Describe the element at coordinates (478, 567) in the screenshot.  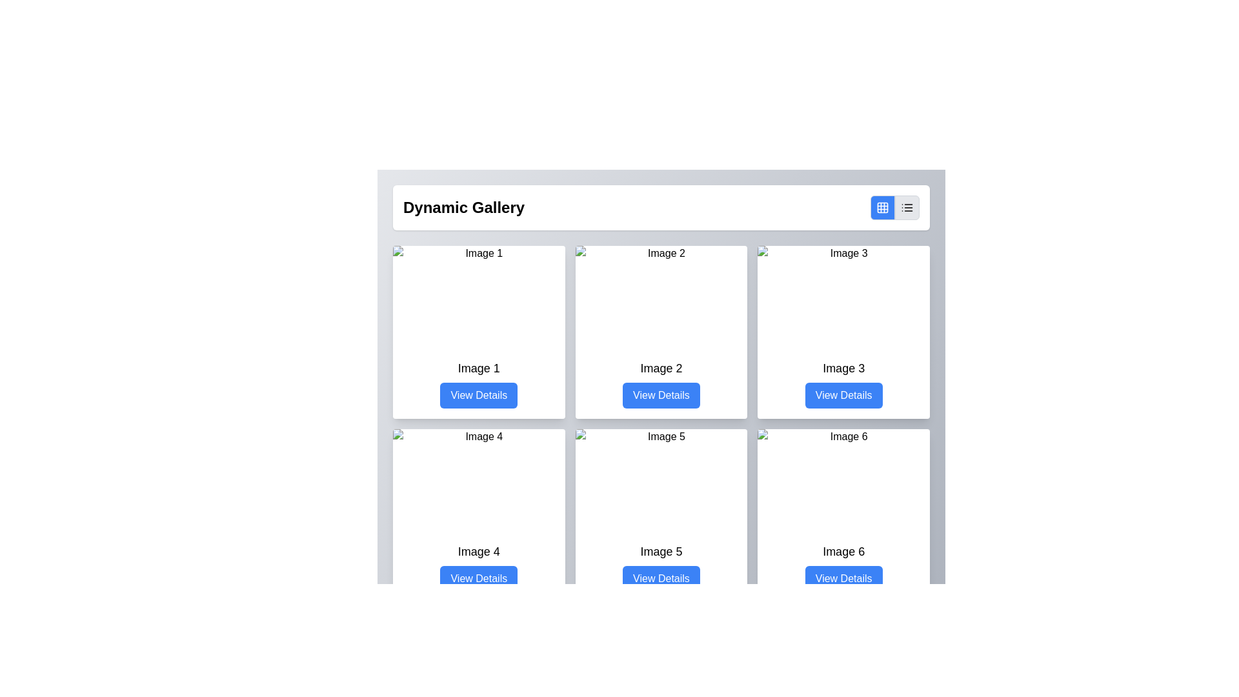
I see `the 'View Details' button located below the 'Image 4' text in the fourth tile of the grid layout` at that location.